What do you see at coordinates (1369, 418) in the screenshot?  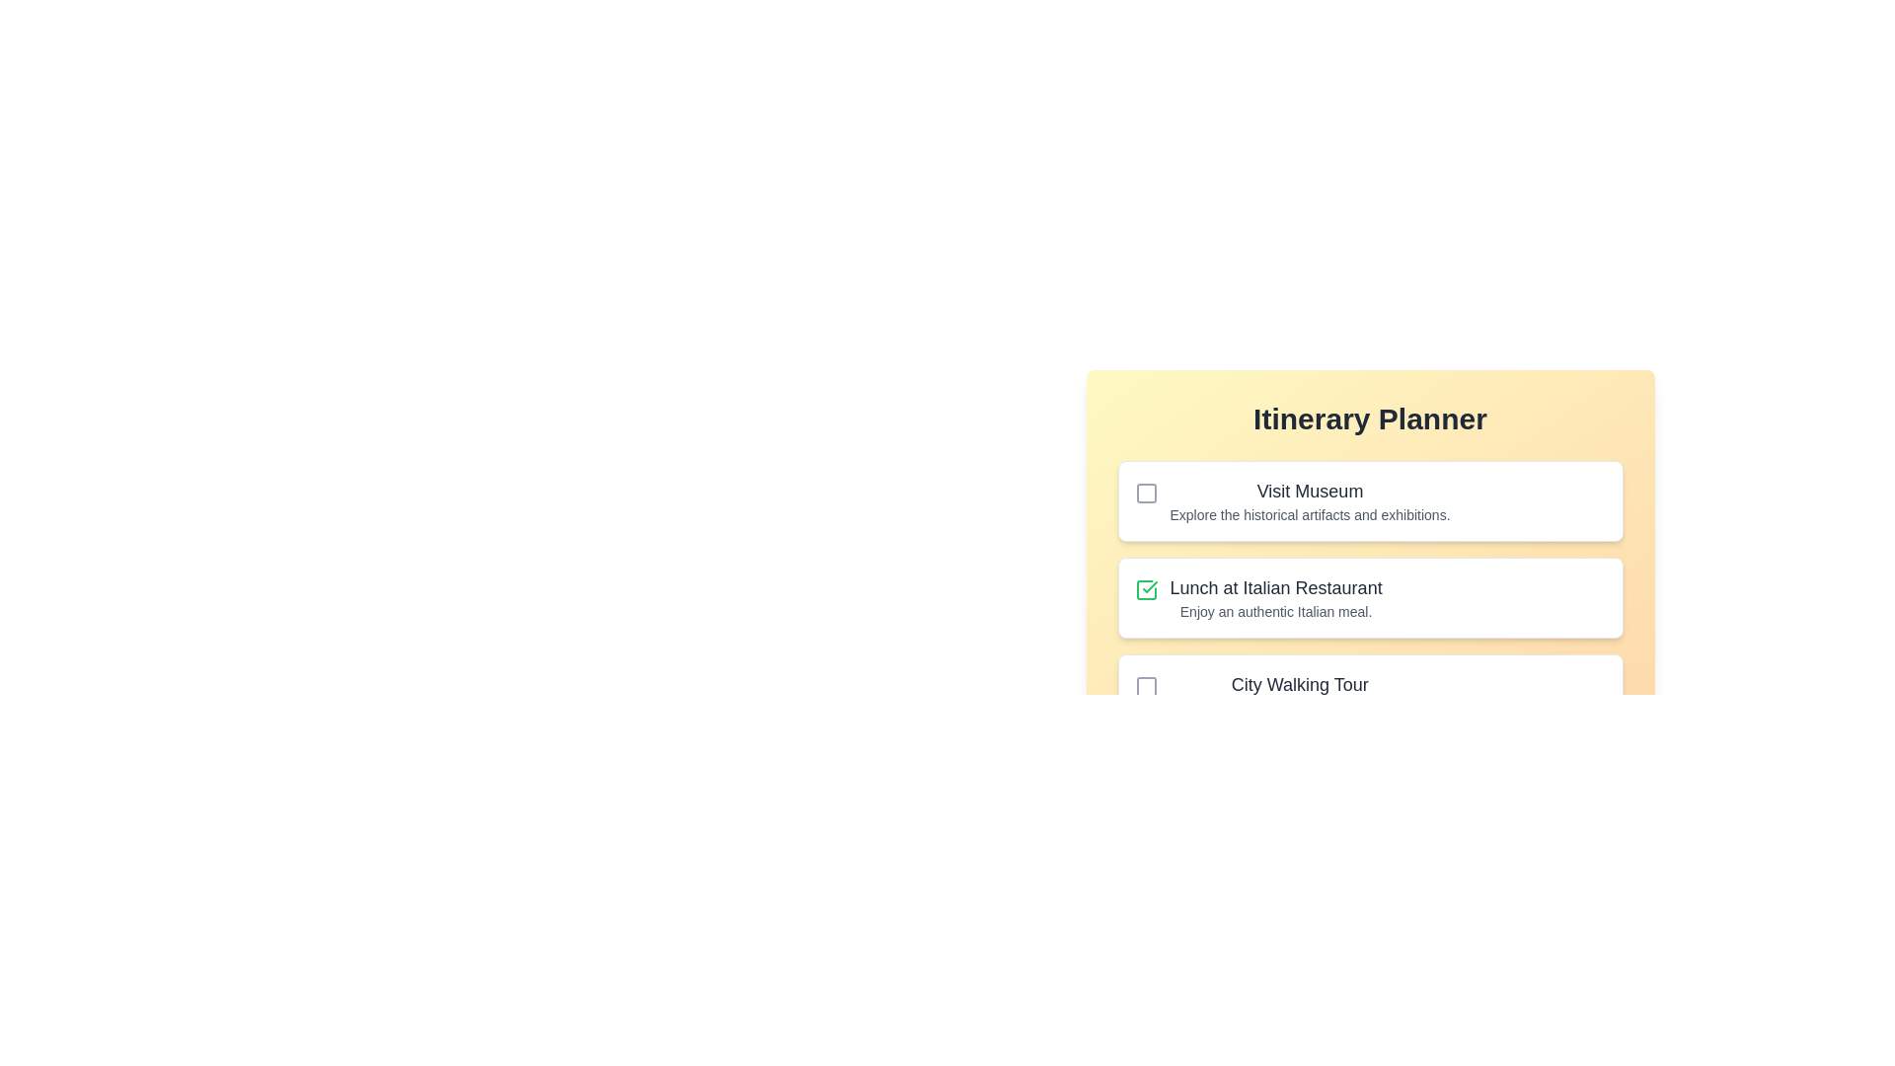 I see `the header titled 'Itinerary Planner', which is a bold, centered title with dark gray text on a yellow-orange gradient background, positioned at the top of the layout` at bounding box center [1369, 418].